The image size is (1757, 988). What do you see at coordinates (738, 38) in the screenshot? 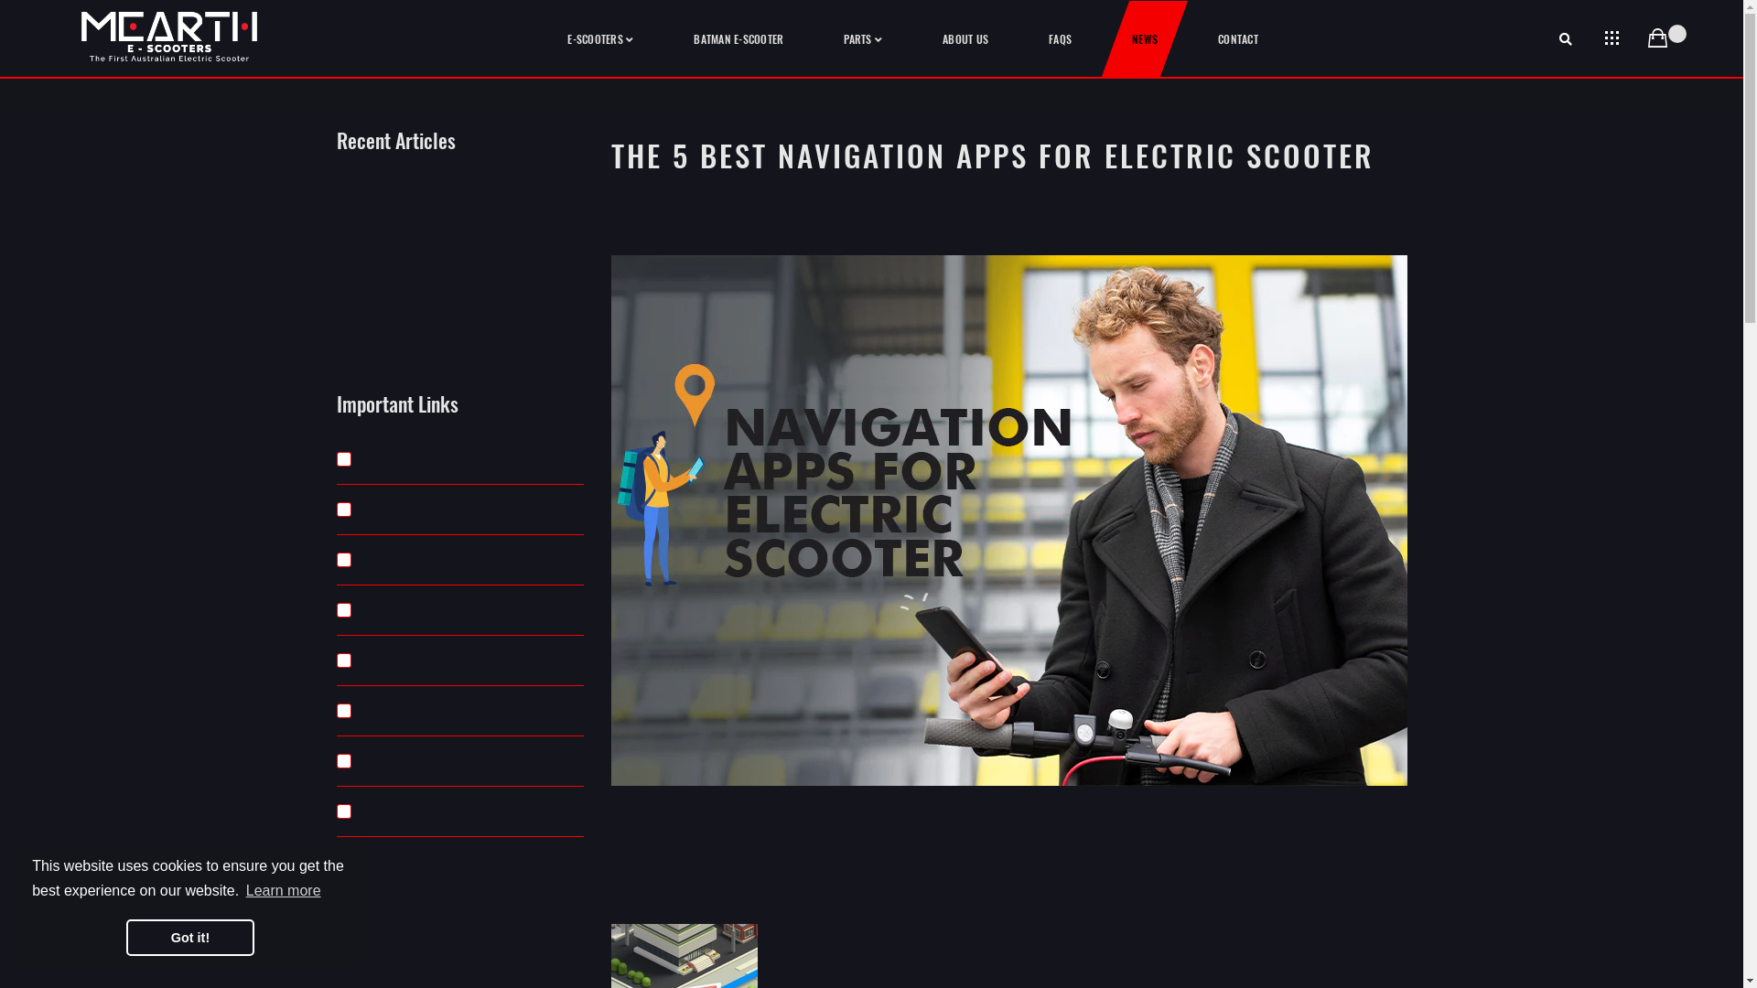
I see `'BATMAN E-SCOOTER'` at bounding box center [738, 38].